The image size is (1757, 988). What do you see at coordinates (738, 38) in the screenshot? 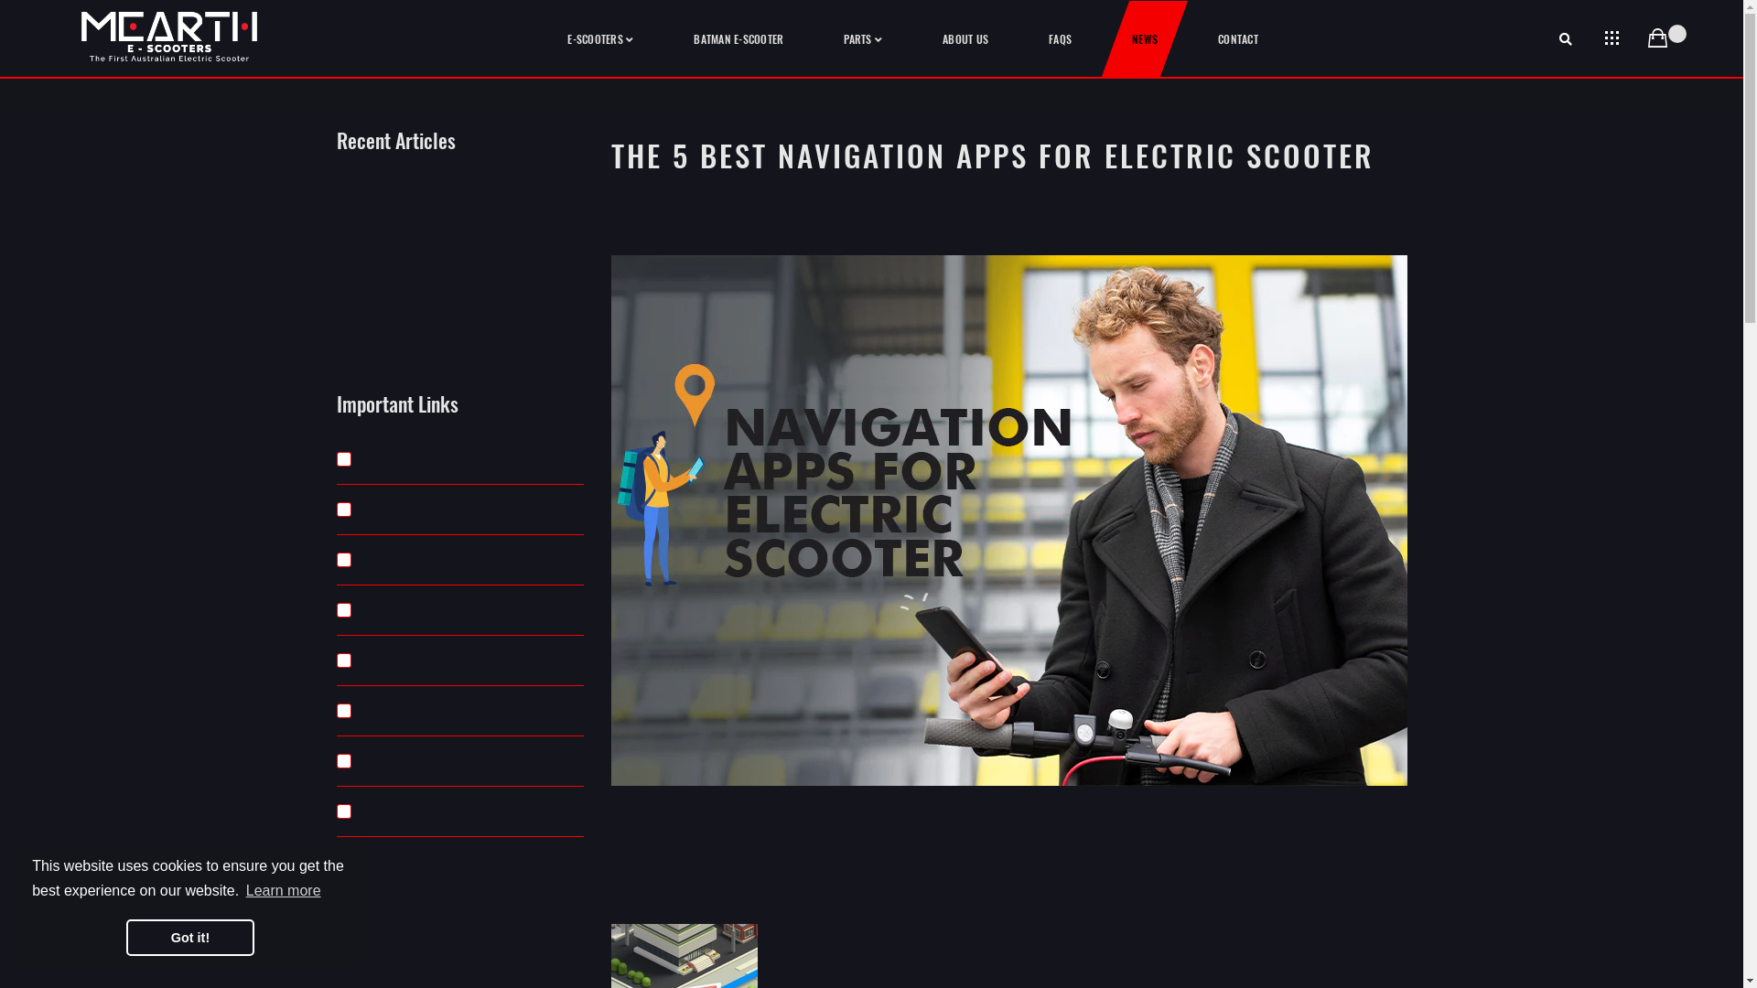
I see `'BATMAN E-SCOOTER'` at bounding box center [738, 38].